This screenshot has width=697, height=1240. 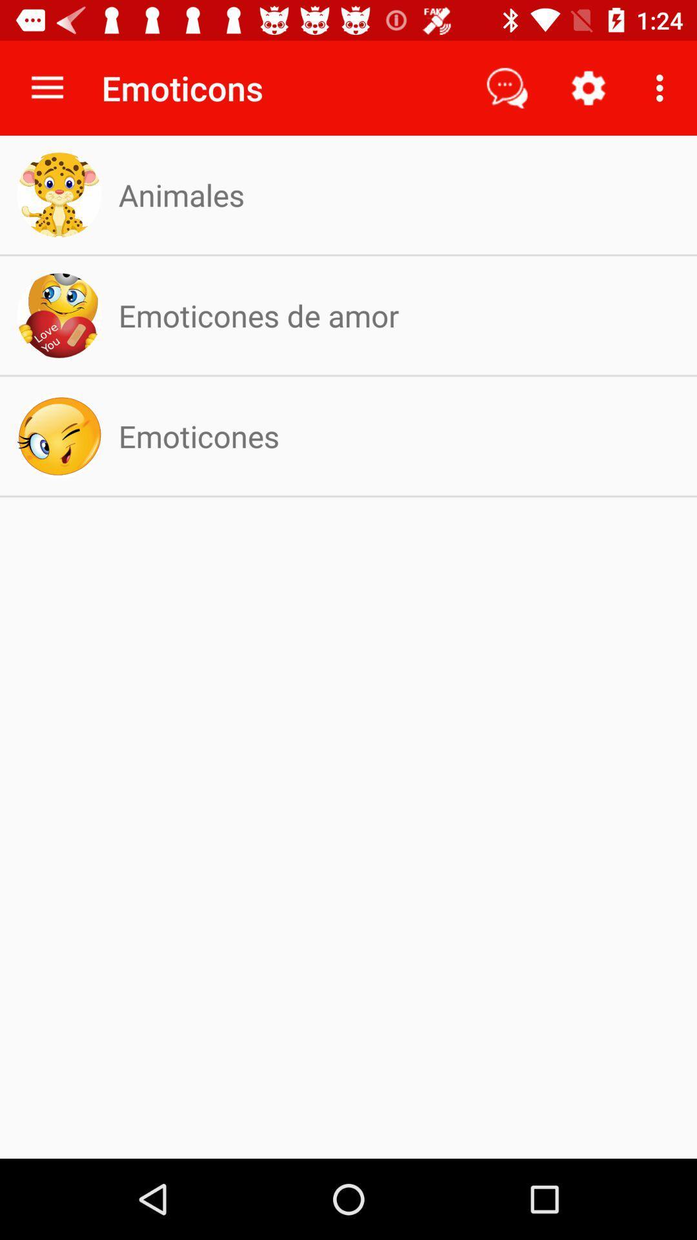 I want to click on icon next to emoticons icon, so click(x=507, y=87).